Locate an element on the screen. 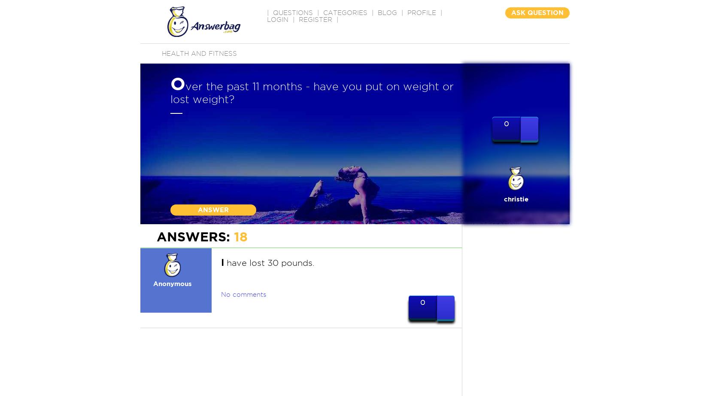 This screenshot has width=710, height=396. 'ANSWER' is located at coordinates (213, 210).